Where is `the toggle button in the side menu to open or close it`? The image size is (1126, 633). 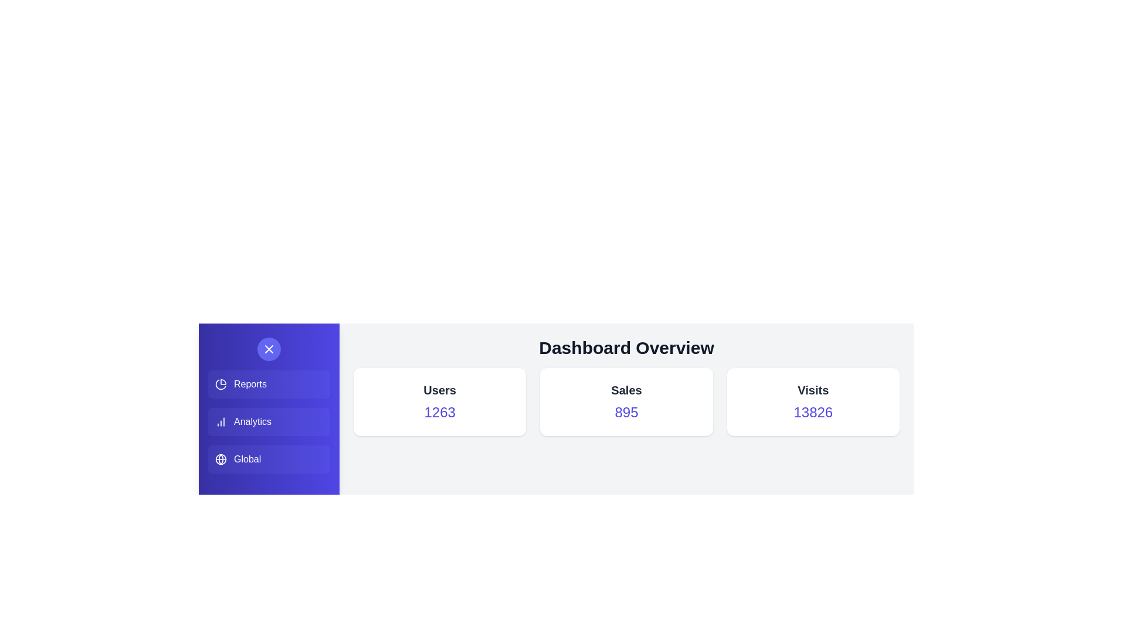 the toggle button in the side menu to open or close it is located at coordinates (269, 349).